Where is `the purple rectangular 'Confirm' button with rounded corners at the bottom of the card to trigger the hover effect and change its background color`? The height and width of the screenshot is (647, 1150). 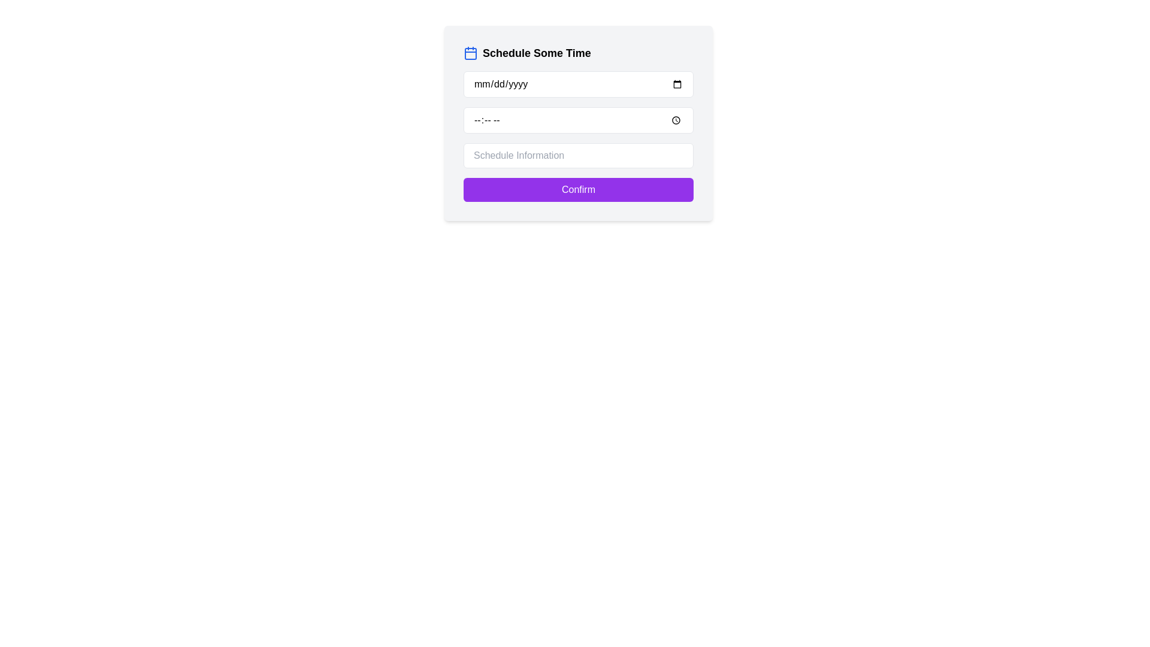 the purple rectangular 'Confirm' button with rounded corners at the bottom of the card to trigger the hover effect and change its background color is located at coordinates (578, 189).